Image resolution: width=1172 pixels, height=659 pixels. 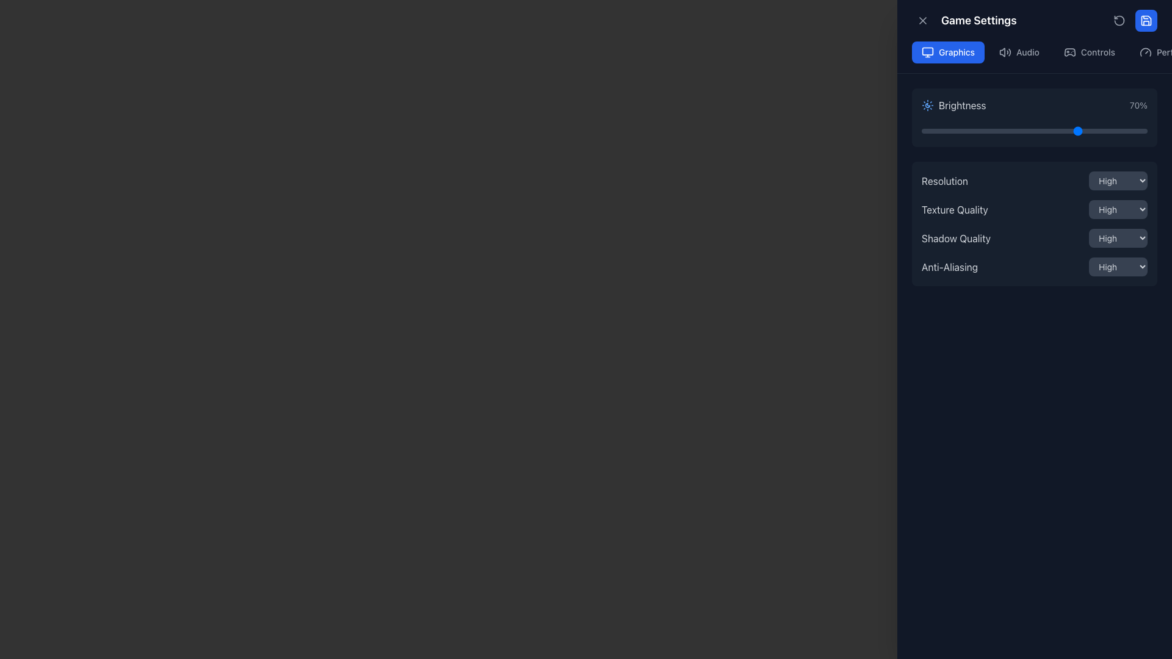 What do you see at coordinates (1005, 51) in the screenshot?
I see `the 'Audio' icon in the settings menu, which is located next to the text label 'Audio' in the navigation bar` at bounding box center [1005, 51].